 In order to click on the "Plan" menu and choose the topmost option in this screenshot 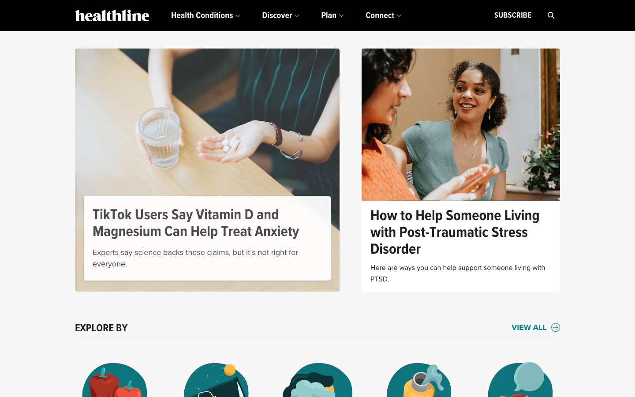, I will do `click(332, 15)`.